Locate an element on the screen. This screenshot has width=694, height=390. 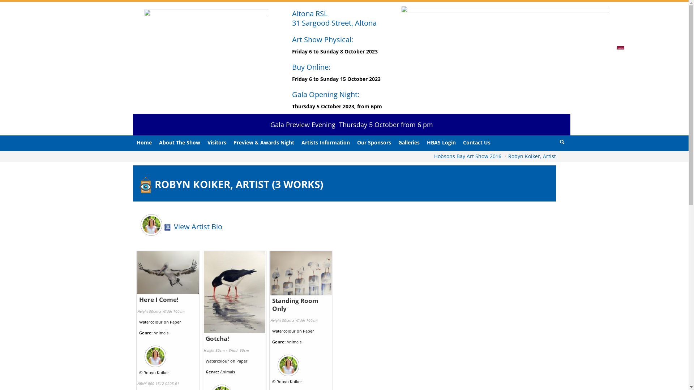
'Watercolour' is located at coordinates (150, 321).